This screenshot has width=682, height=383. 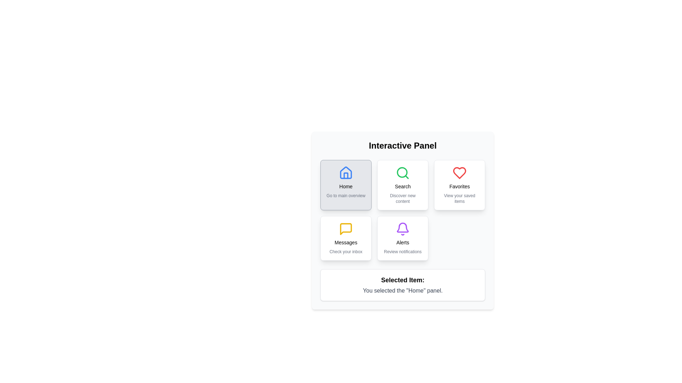 What do you see at coordinates (402, 280) in the screenshot?
I see `the 'Selected Item:' text label, which is bold and located at the top of a white, rounded rectangular box beneath the main interactive panel` at bounding box center [402, 280].